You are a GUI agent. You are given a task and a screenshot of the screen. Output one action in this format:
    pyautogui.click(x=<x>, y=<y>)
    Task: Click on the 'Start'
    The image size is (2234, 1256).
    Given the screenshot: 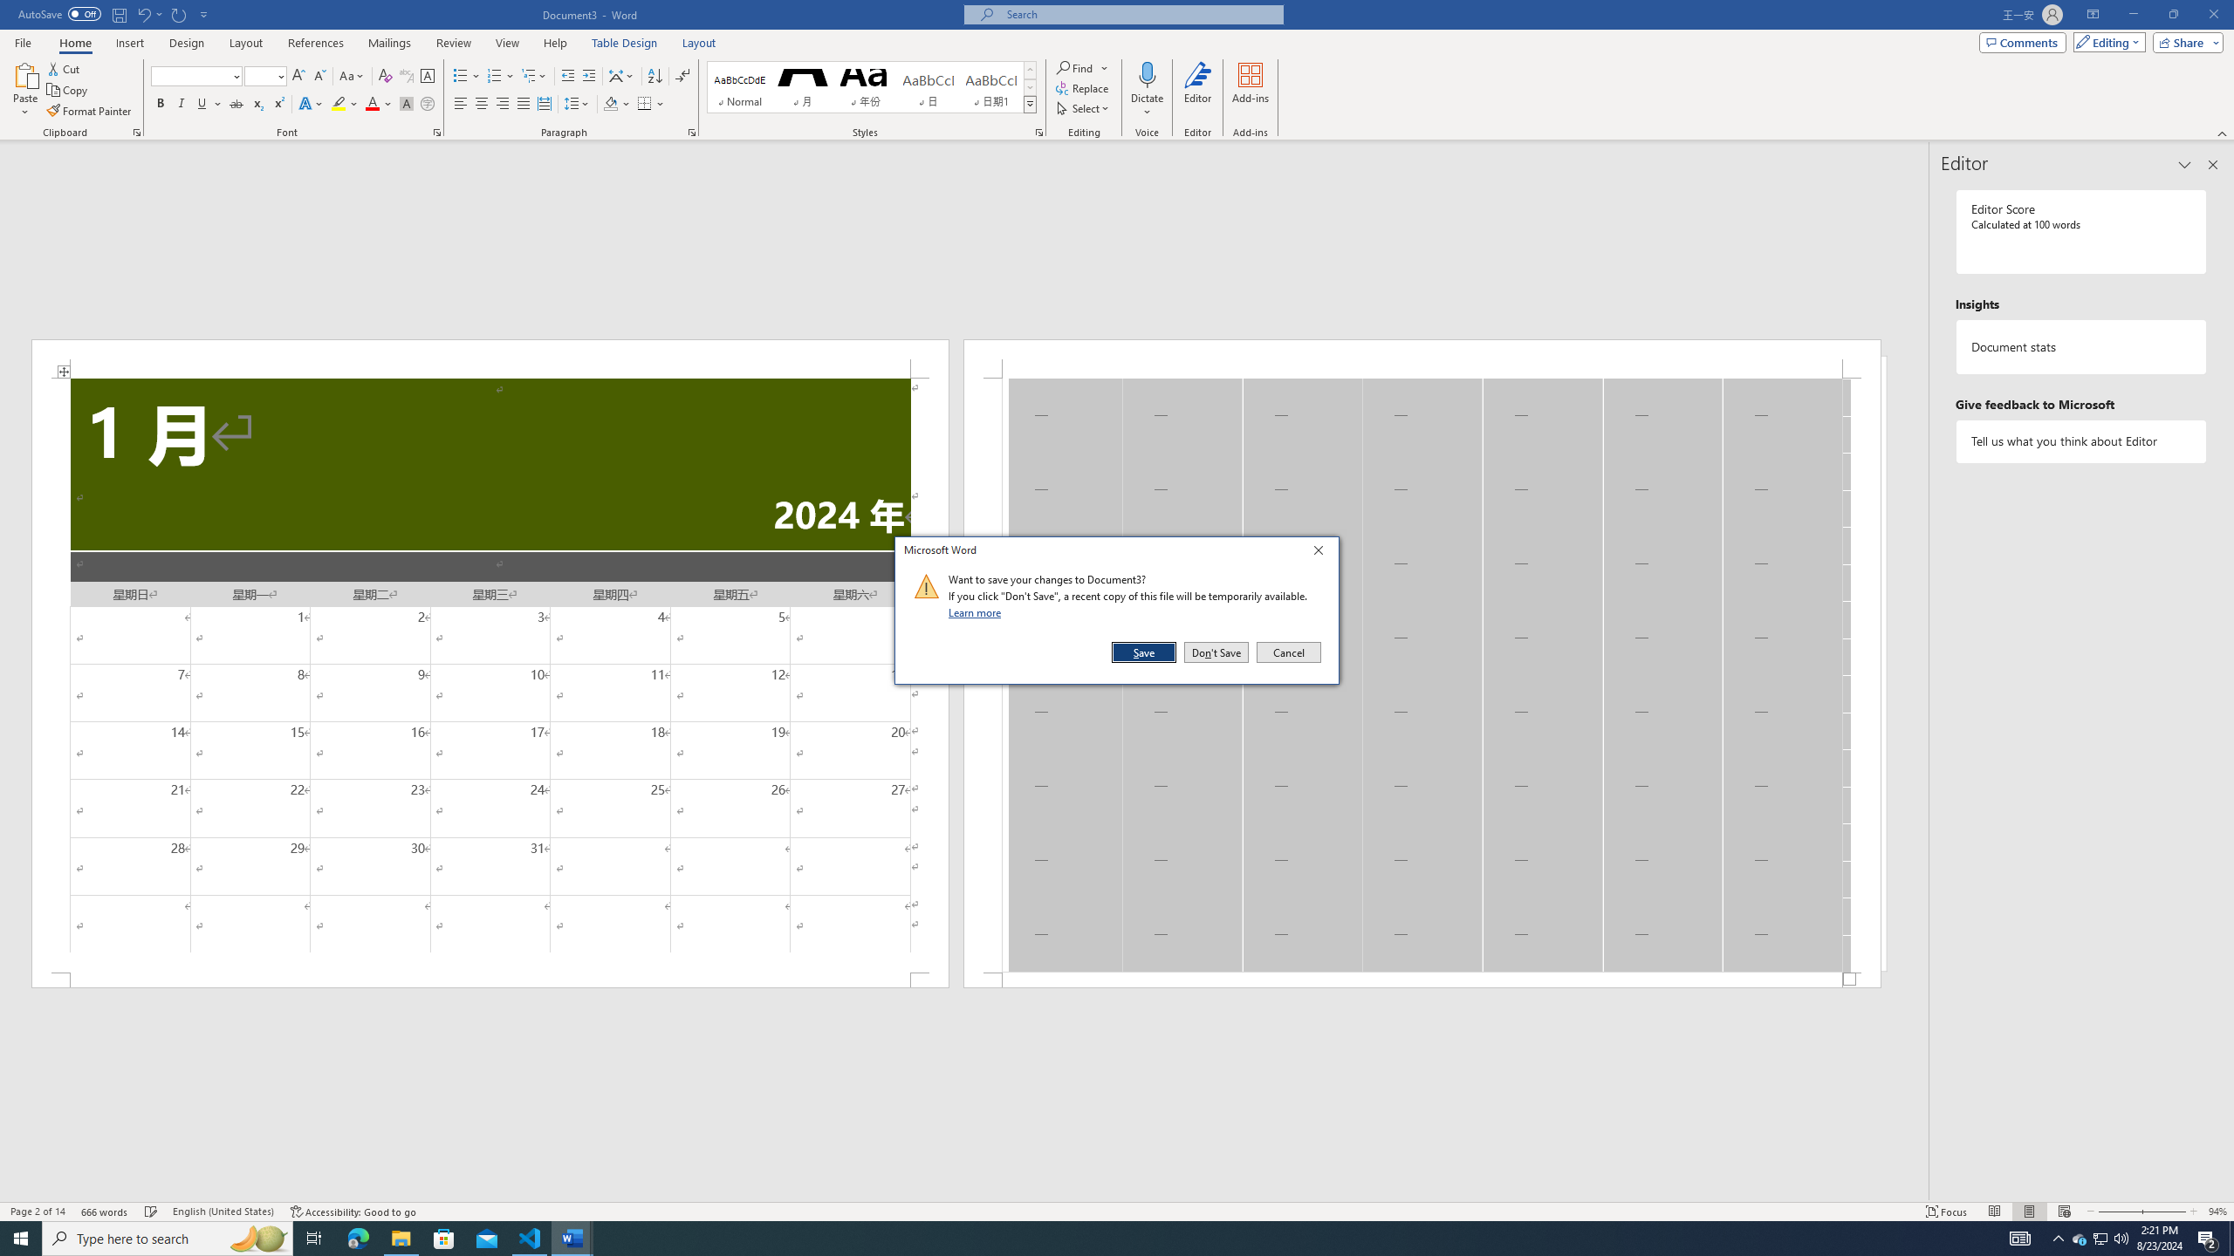 What is the action you would take?
    pyautogui.click(x=21, y=1237)
    